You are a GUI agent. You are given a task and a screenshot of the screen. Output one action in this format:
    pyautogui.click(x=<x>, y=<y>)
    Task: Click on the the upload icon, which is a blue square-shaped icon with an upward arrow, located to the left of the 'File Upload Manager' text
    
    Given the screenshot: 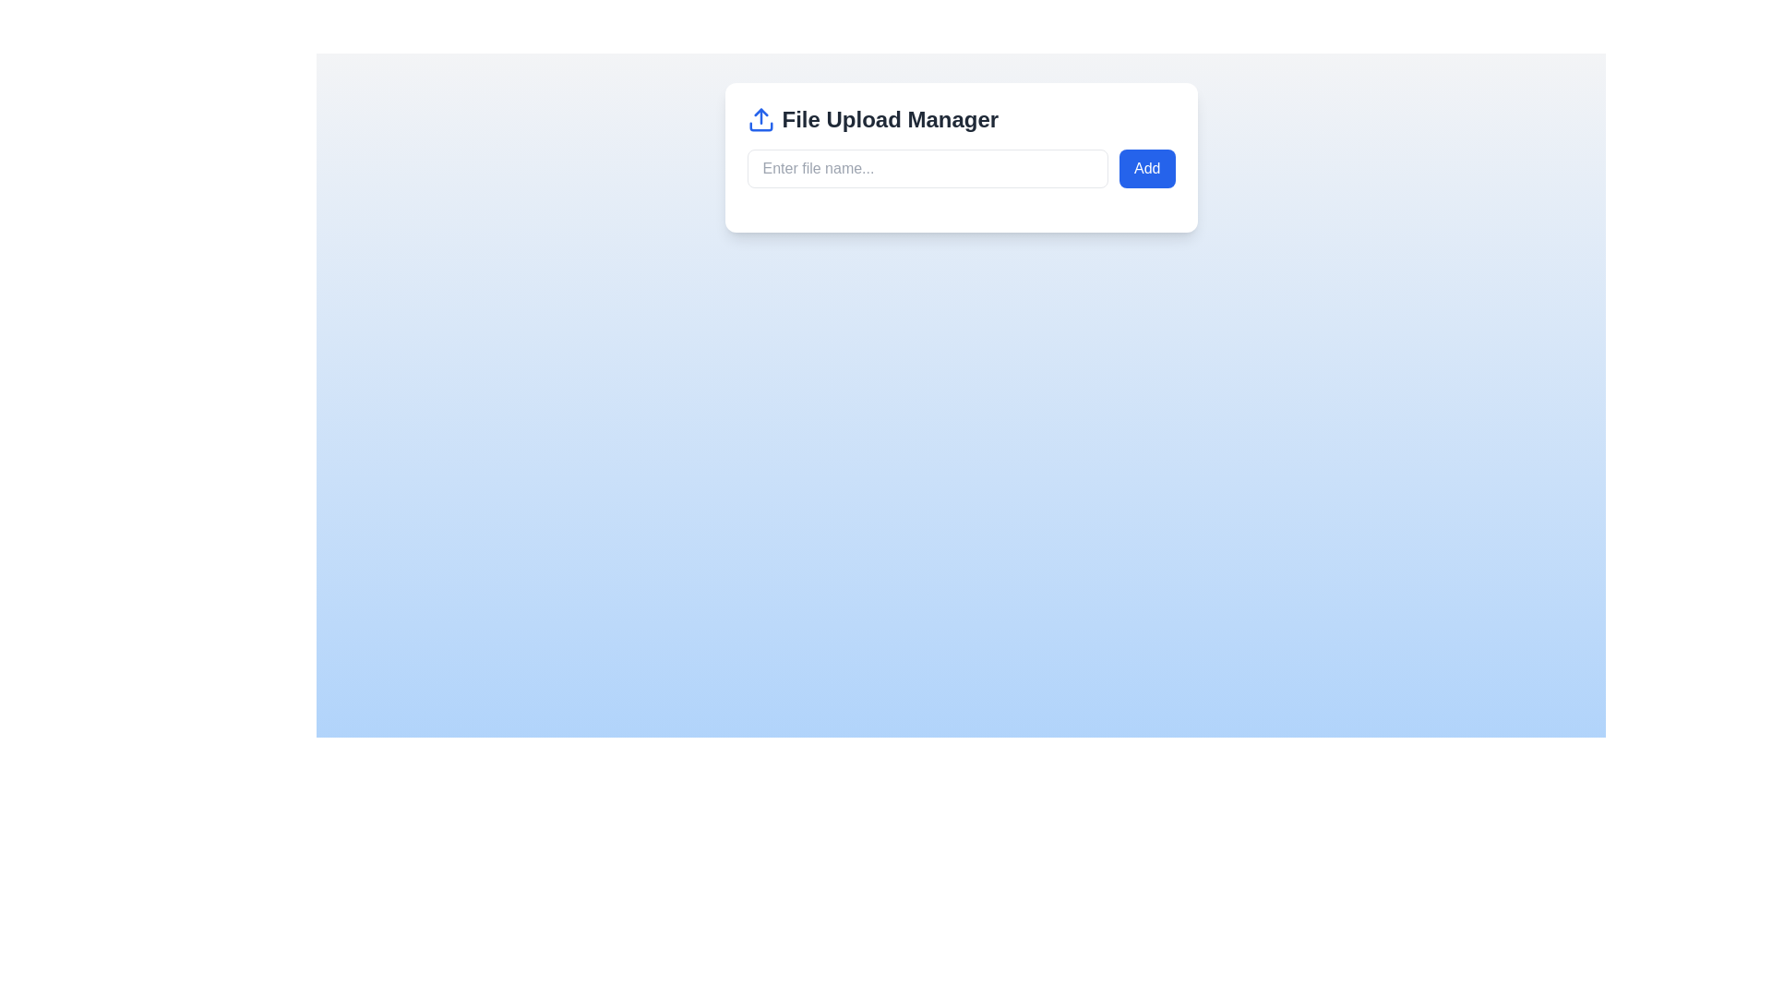 What is the action you would take?
    pyautogui.click(x=760, y=120)
    